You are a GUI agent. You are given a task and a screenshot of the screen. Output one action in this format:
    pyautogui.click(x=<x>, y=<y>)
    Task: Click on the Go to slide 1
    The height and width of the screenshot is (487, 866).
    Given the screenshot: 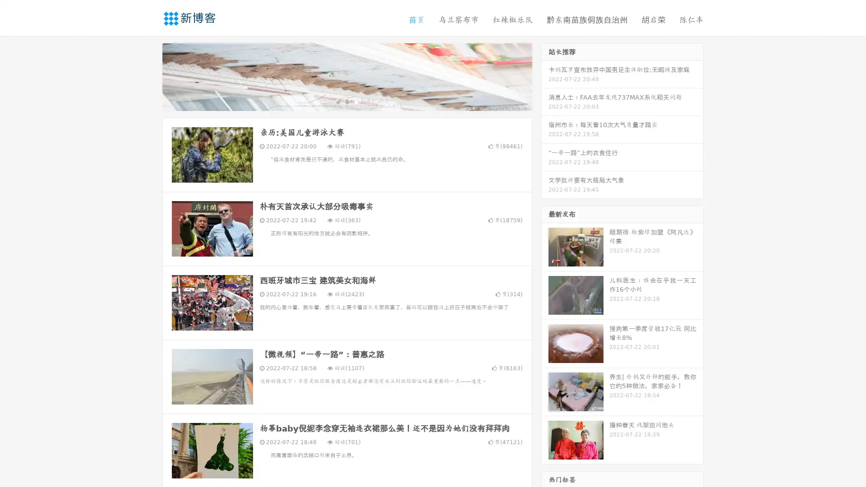 What is the action you would take?
    pyautogui.click(x=337, y=101)
    